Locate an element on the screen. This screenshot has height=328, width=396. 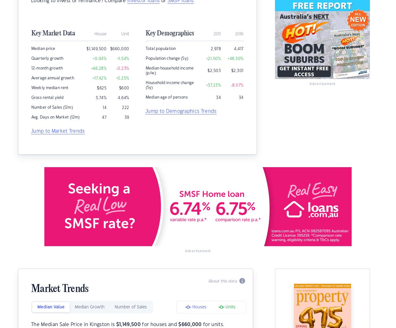
'LEARN MORE' is located at coordinates (354, 12).